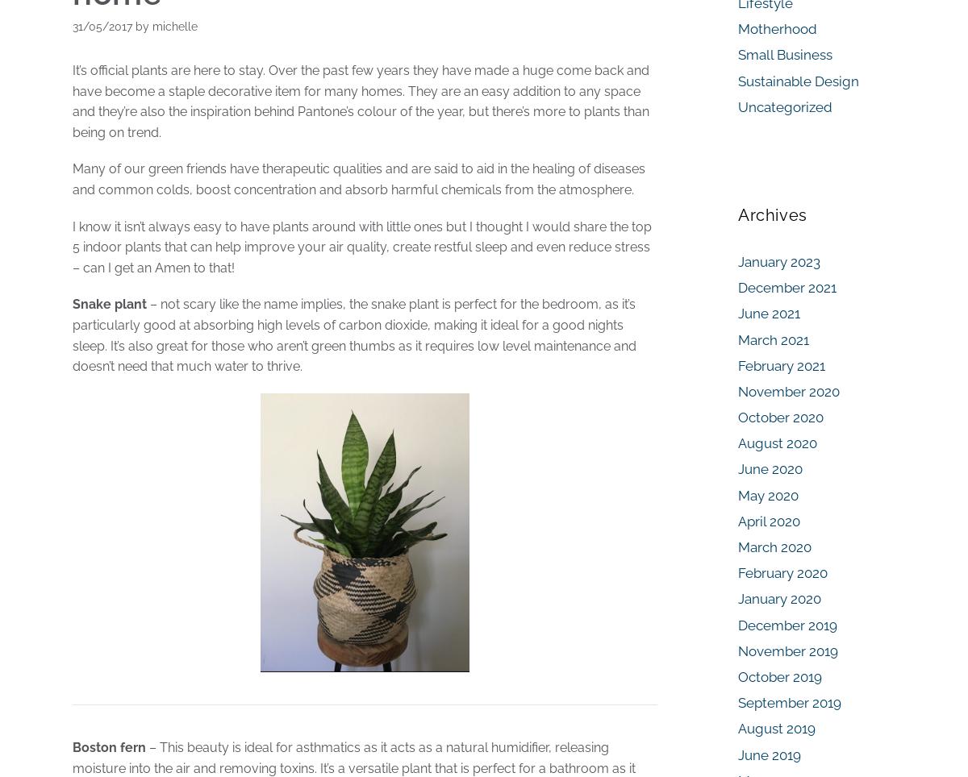 This screenshot has width=968, height=777. What do you see at coordinates (788, 649) in the screenshot?
I see `'November 2019'` at bounding box center [788, 649].